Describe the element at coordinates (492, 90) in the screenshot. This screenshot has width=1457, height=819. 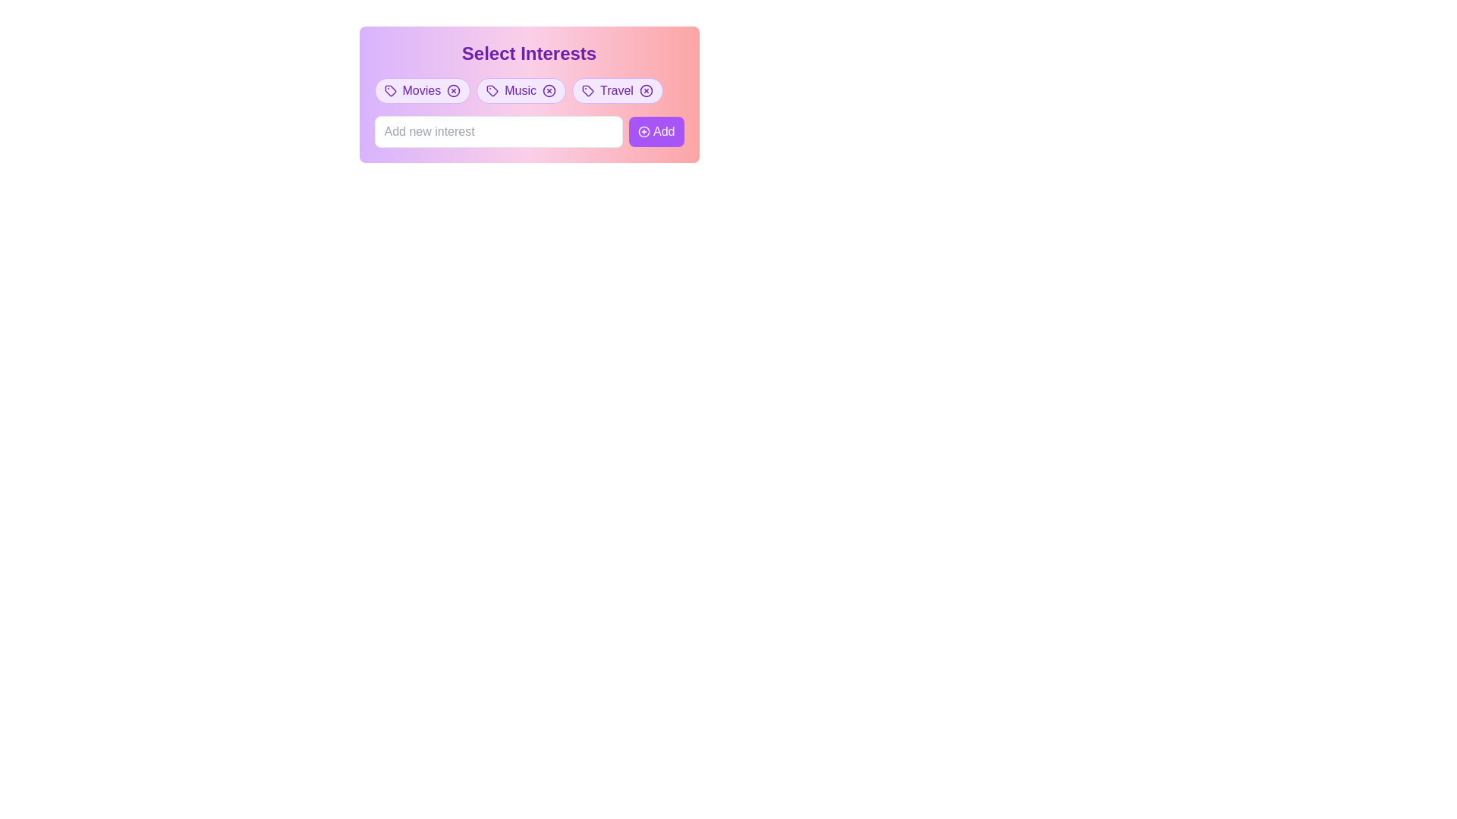
I see `the modern tag icon SVG graphic that precedes the 'Music' label in the interests section, if interactive elements exist nearby` at that location.